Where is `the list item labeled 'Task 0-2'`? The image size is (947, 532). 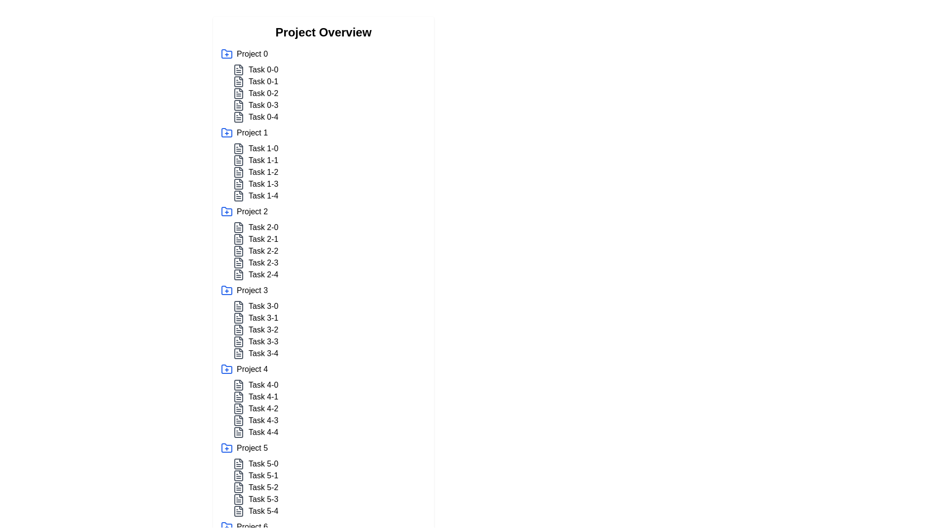
the list item labeled 'Task 0-2' is located at coordinates (329, 93).